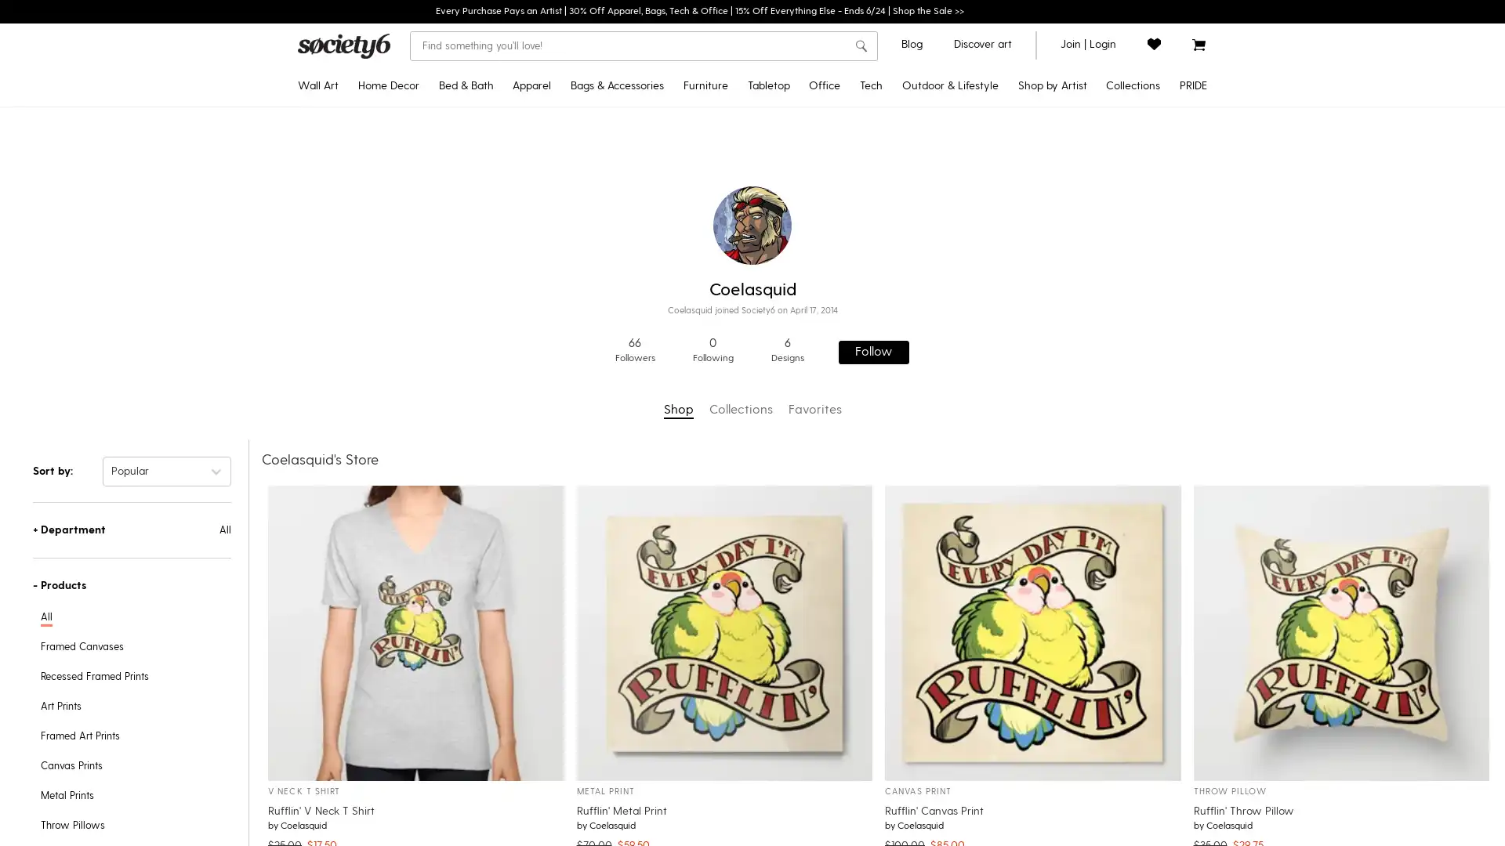 This screenshot has height=846, width=1505. What do you see at coordinates (418, 125) in the screenshot?
I see `Tapestries` at bounding box center [418, 125].